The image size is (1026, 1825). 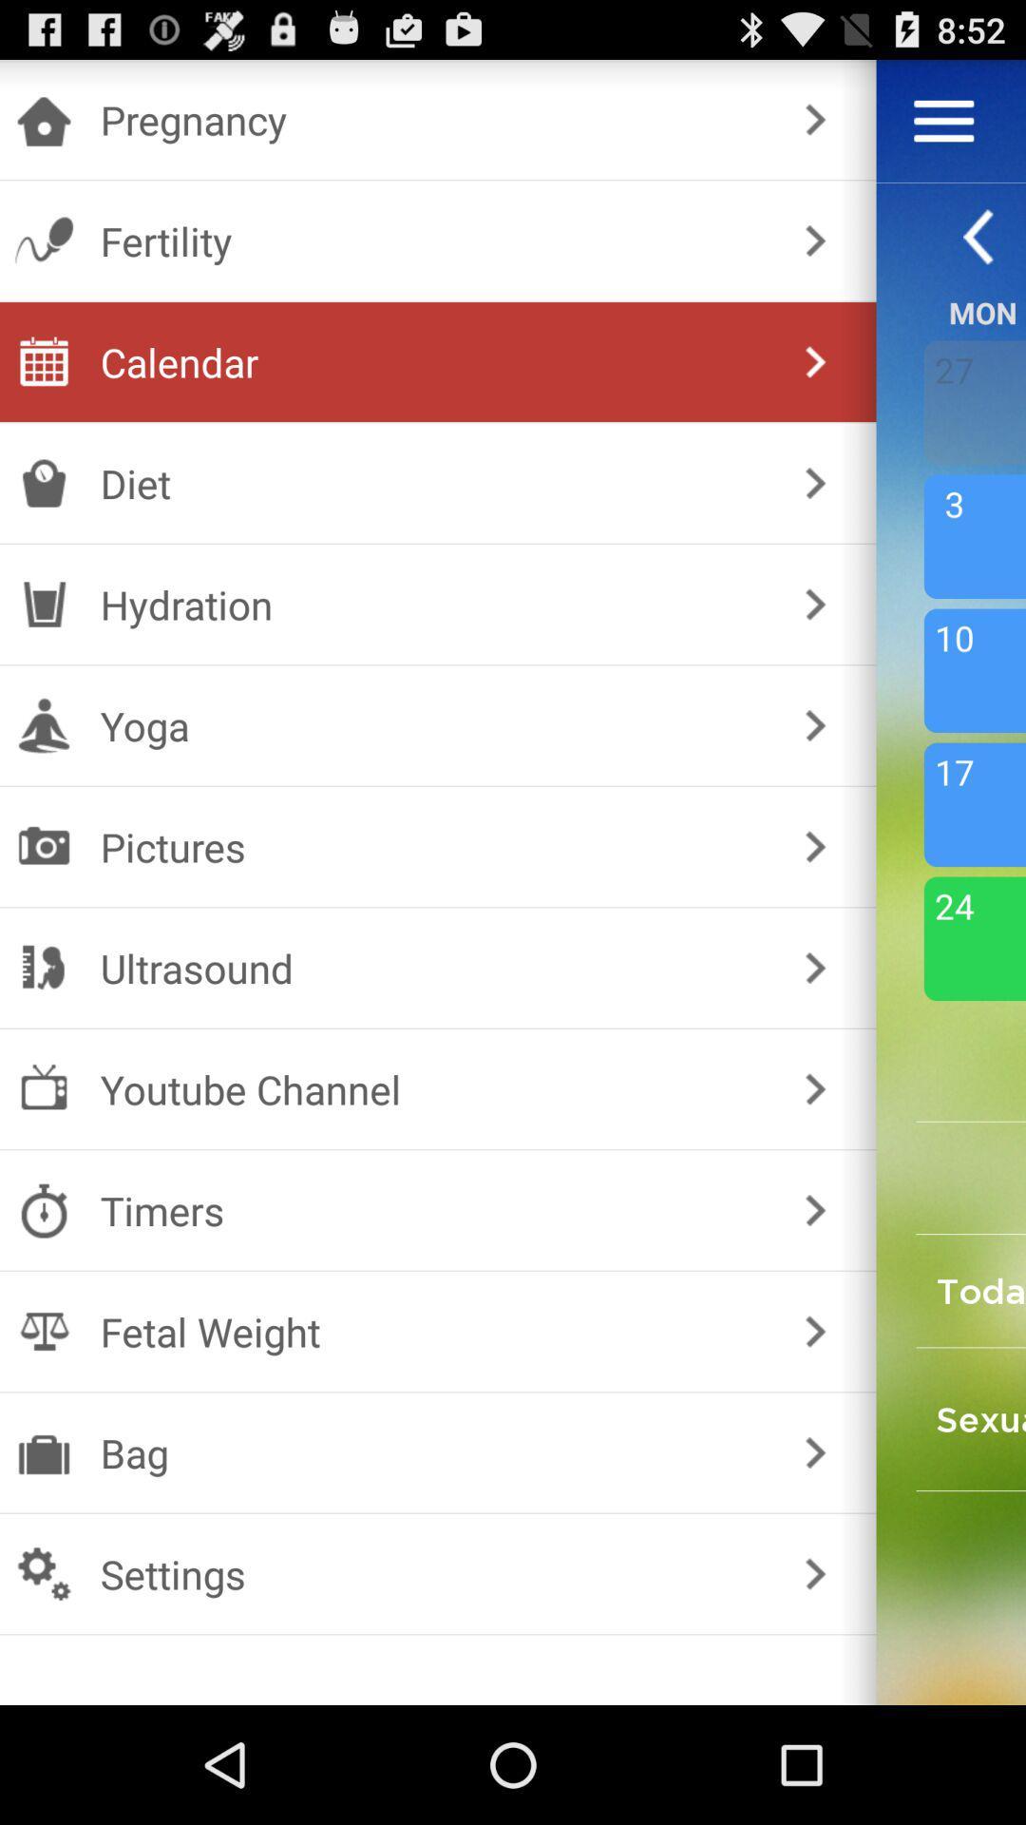 What do you see at coordinates (943, 120) in the screenshot?
I see `more options` at bounding box center [943, 120].